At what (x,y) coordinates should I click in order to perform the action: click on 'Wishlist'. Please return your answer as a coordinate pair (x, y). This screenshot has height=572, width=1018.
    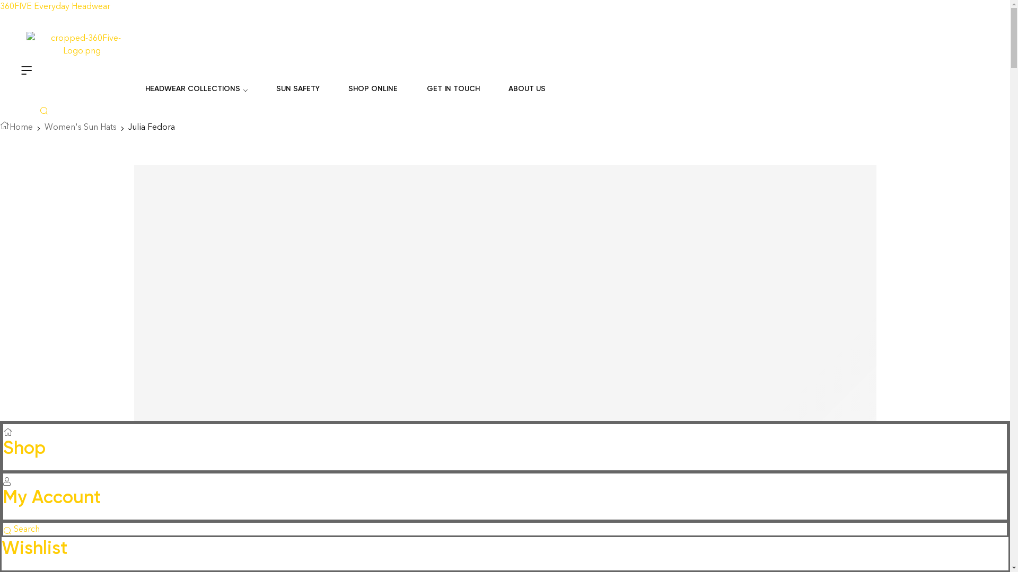
    Looking at the image, I should click on (34, 548).